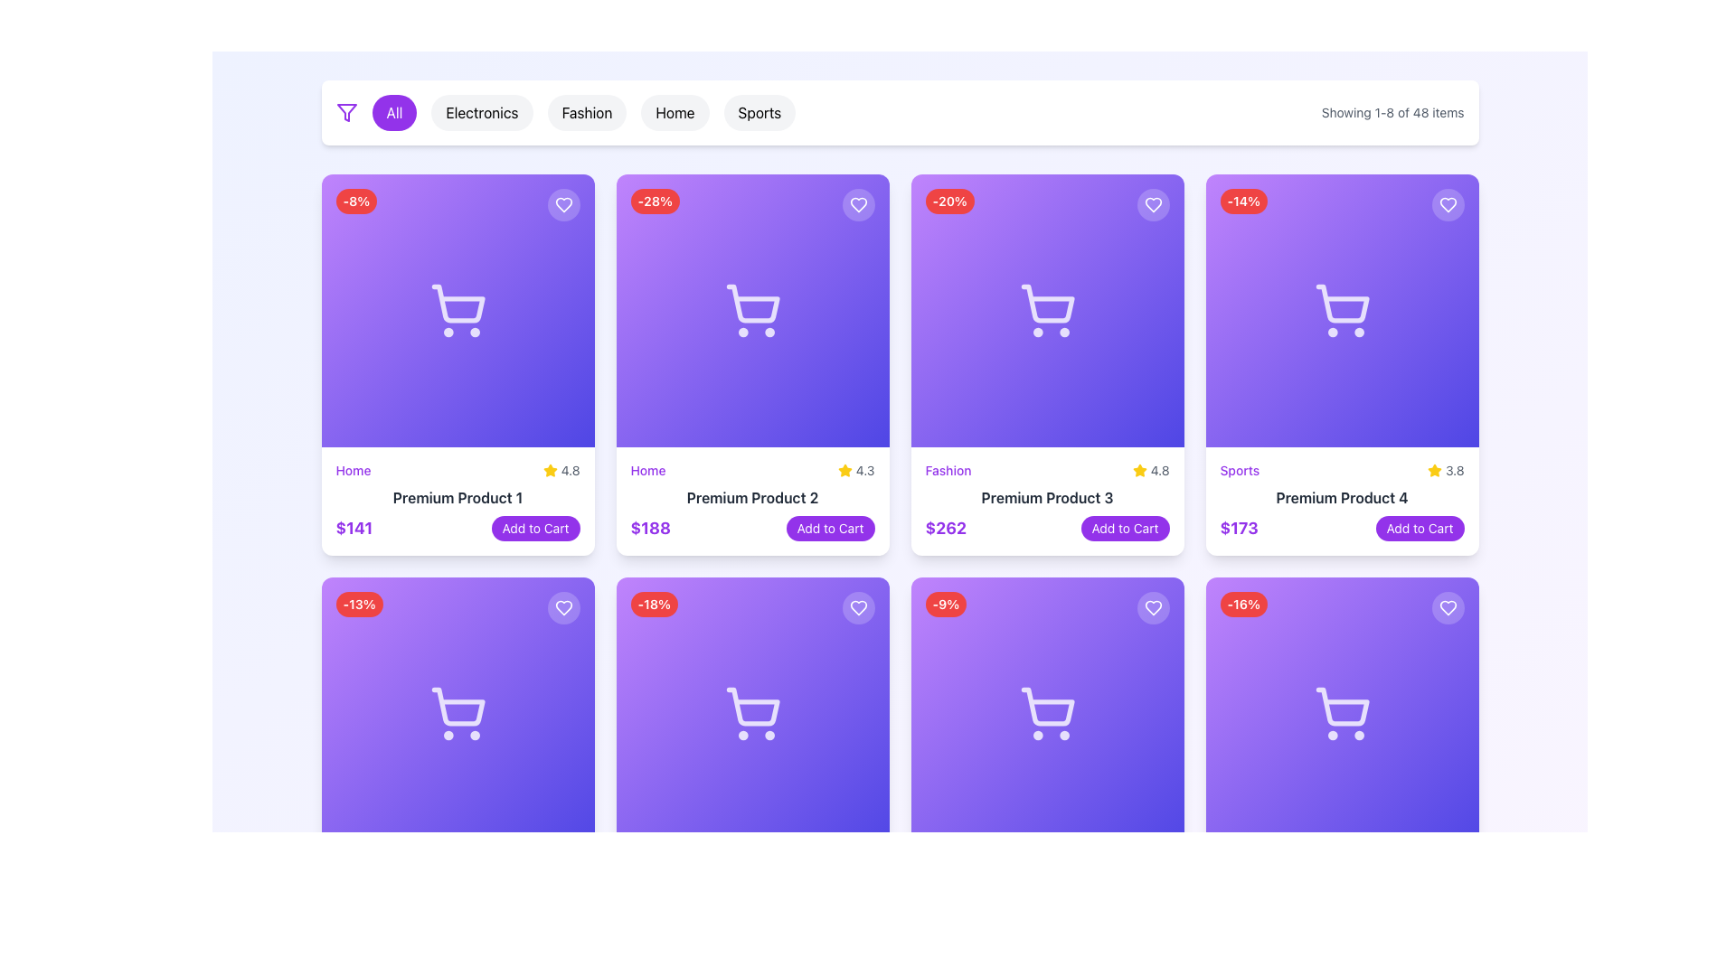  I want to click on the shopping cart icon located in the second product card from the left in the first row of the displayed grid, centered above the product's description and price, so click(752, 303).